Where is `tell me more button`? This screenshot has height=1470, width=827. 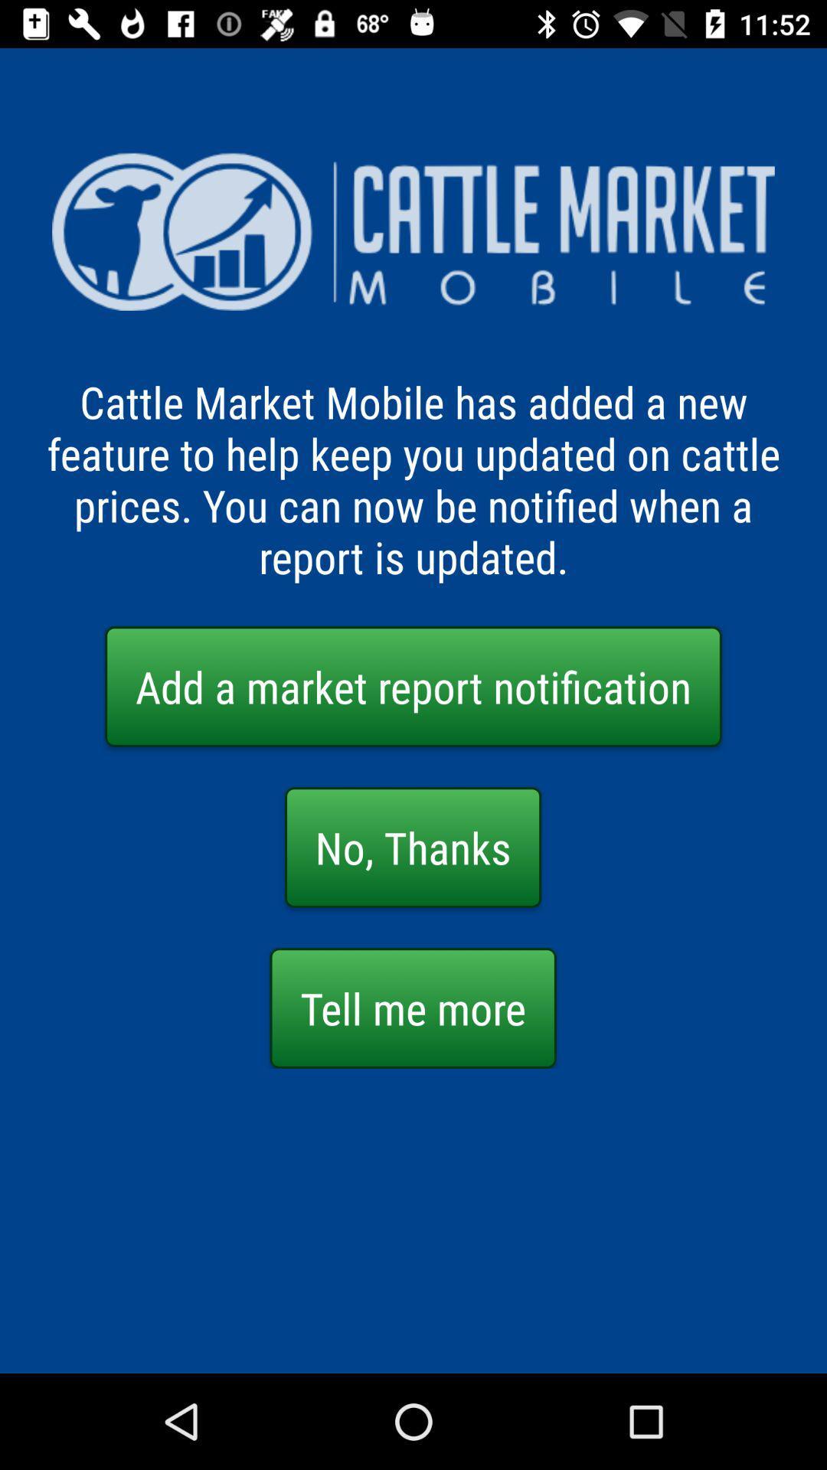
tell me more button is located at coordinates (412, 1008).